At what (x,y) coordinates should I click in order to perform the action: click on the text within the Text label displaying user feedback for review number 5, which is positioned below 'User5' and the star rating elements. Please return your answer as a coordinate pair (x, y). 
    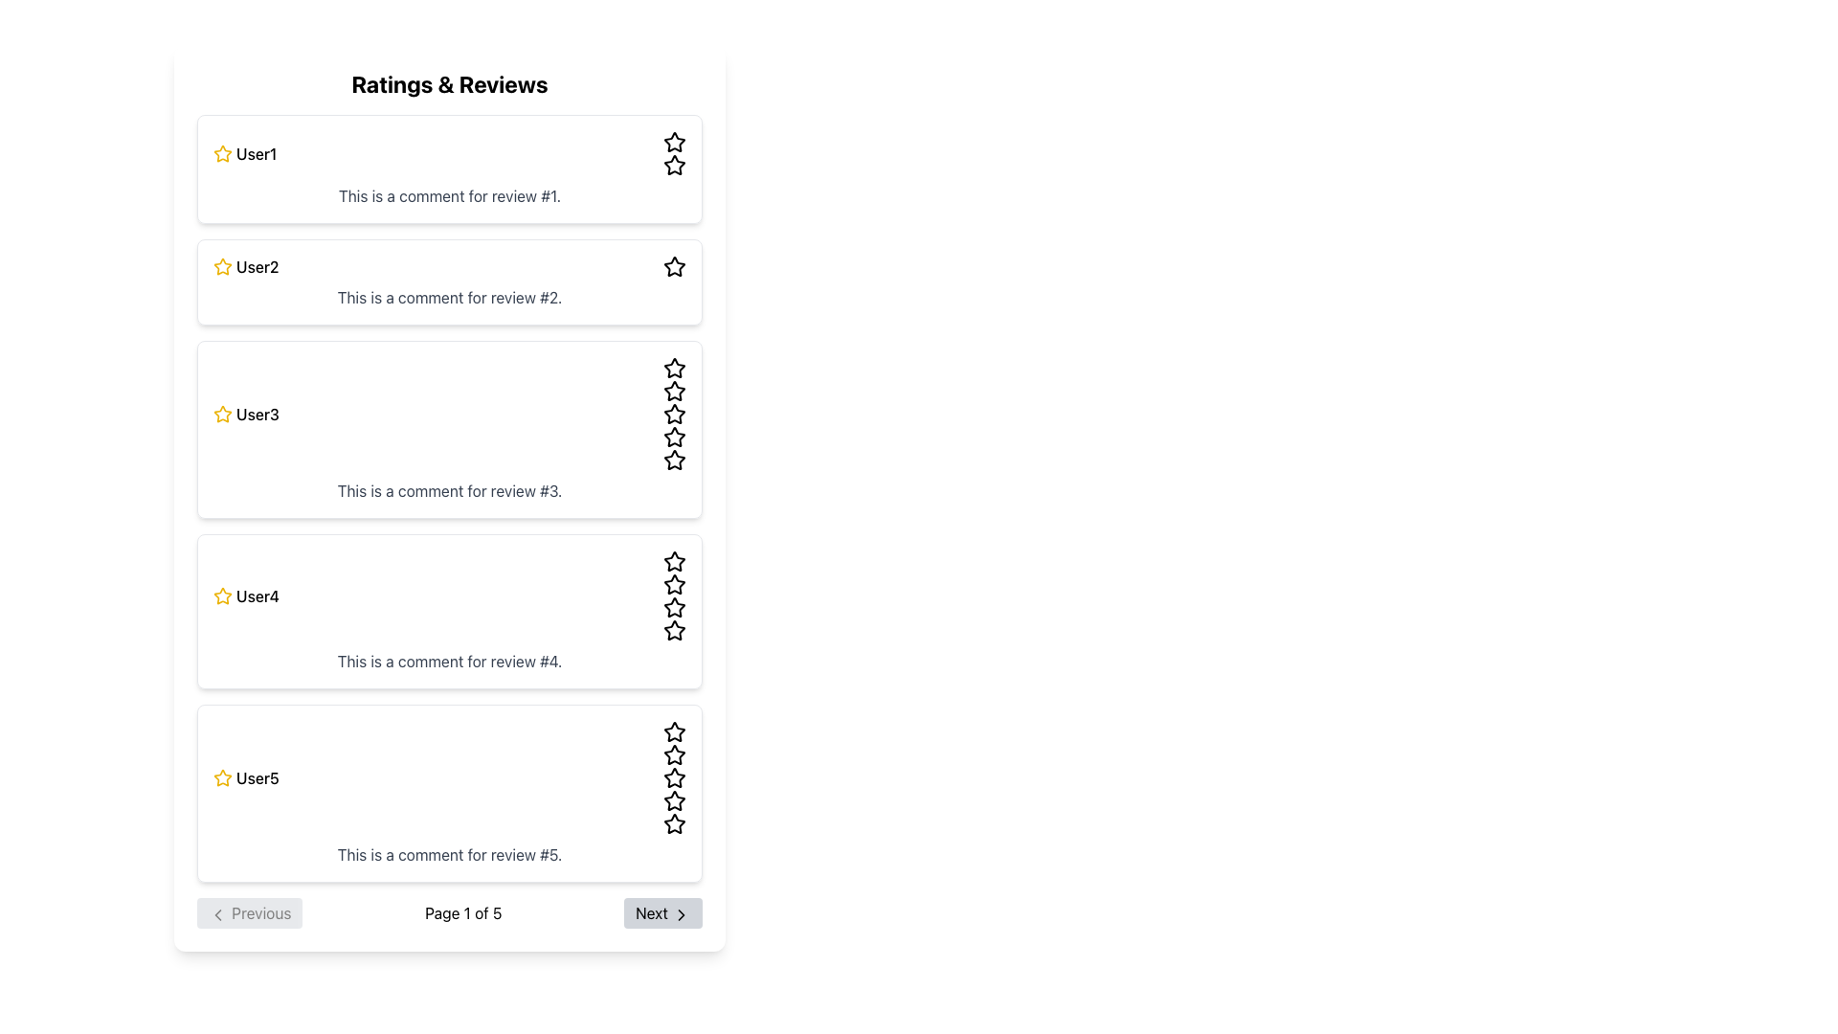
    Looking at the image, I should click on (449, 854).